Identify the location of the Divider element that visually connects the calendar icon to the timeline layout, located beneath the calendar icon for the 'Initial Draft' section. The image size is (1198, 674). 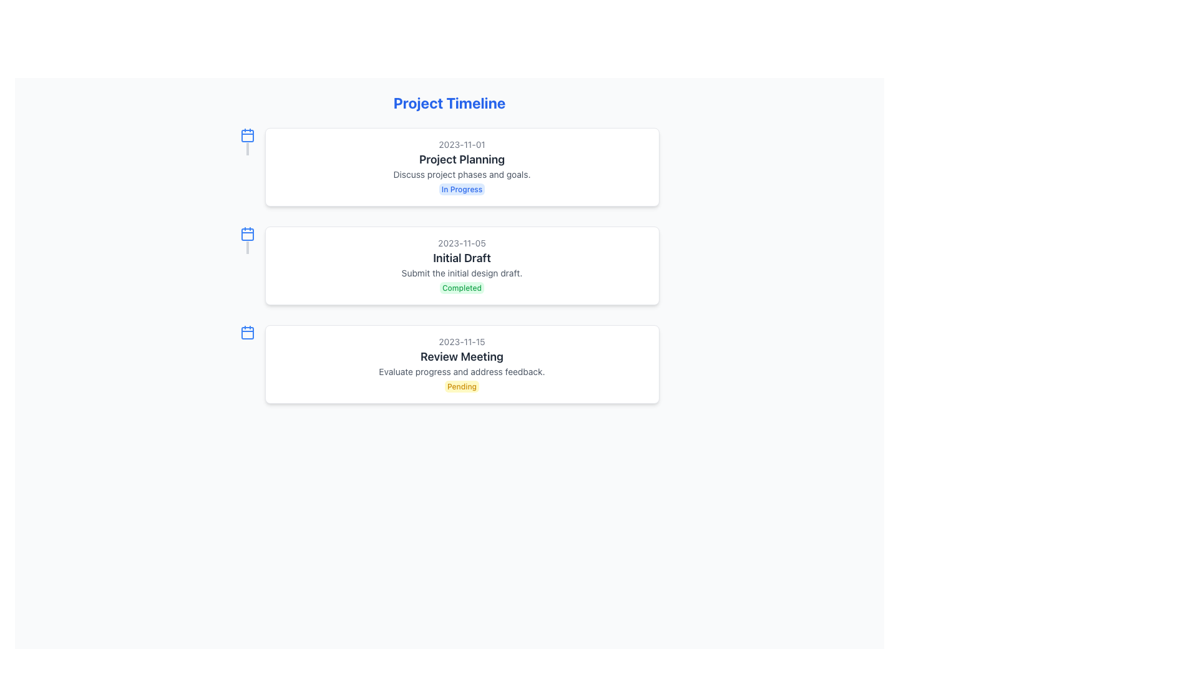
(247, 248).